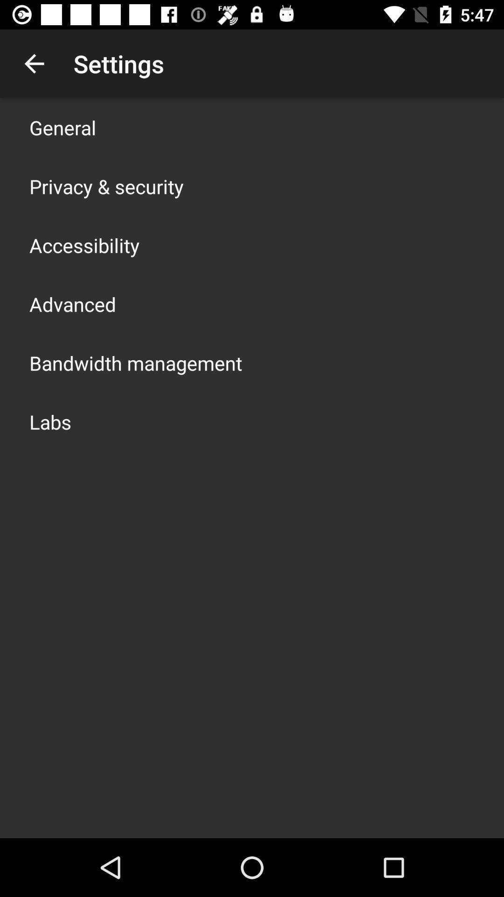 The width and height of the screenshot is (504, 897). Describe the element at coordinates (72, 304) in the screenshot. I see `advanced app` at that location.